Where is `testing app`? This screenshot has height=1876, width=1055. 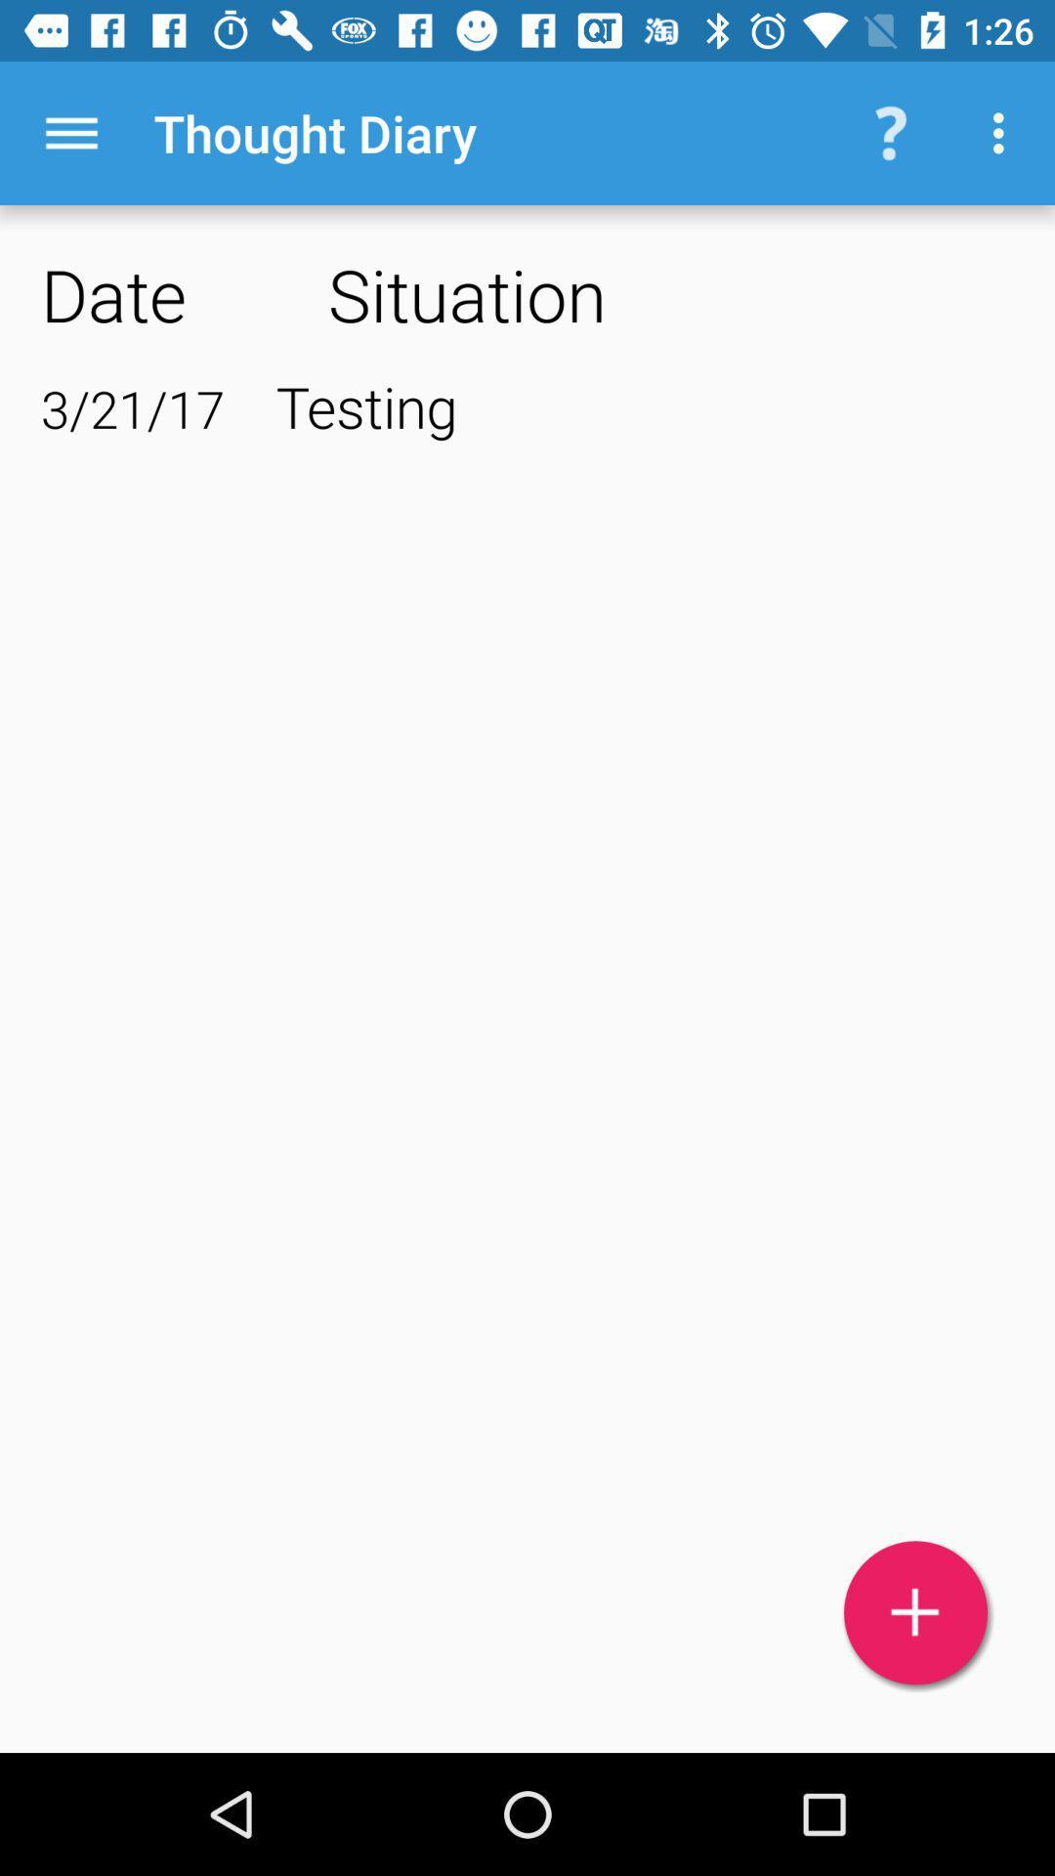 testing app is located at coordinates (645, 405).